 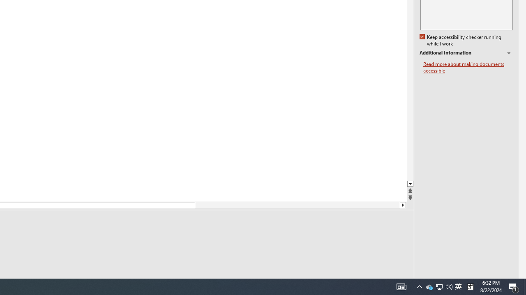 I want to click on 'Additional Information', so click(x=466, y=53).